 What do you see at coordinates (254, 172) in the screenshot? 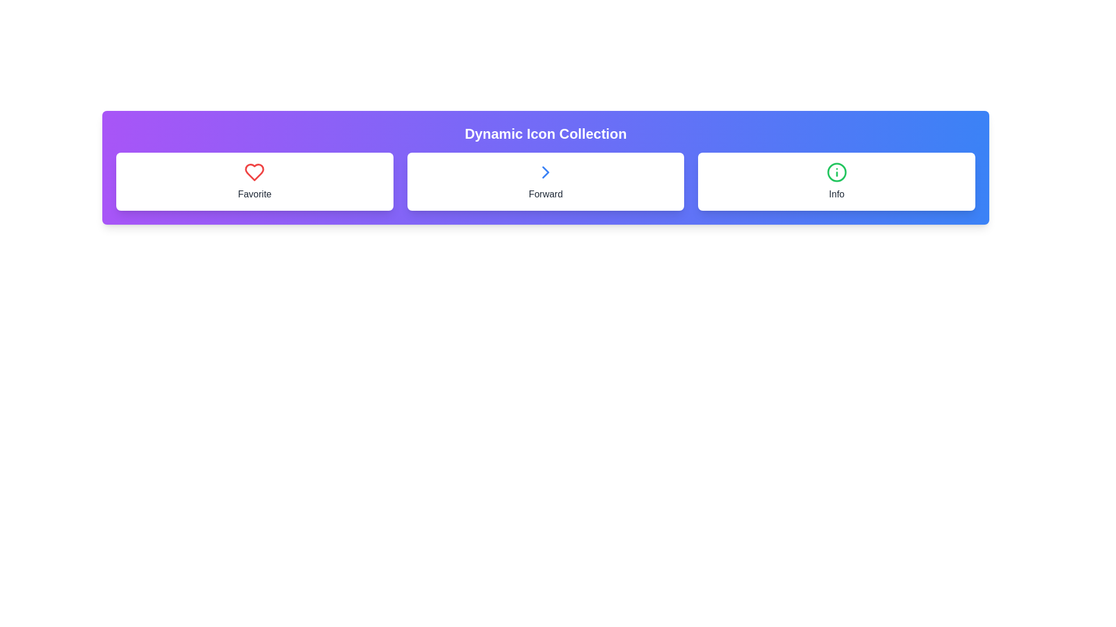
I see `the heart icon at the top center of the 'Favorite' card, which indicates the 'Favorite' interaction available in the collection layout` at bounding box center [254, 172].